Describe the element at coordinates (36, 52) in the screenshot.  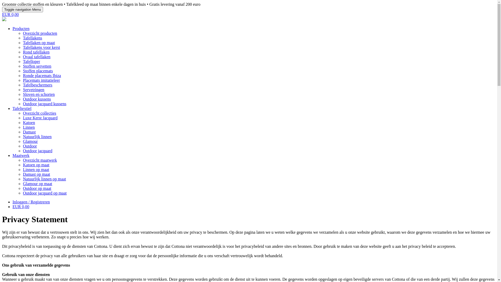
I see `'Rond tafellaken'` at that location.